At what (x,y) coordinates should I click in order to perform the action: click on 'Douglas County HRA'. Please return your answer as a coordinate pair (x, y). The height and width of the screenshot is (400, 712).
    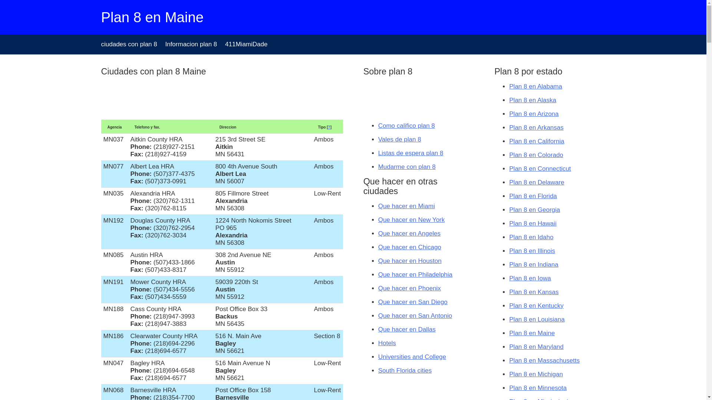
    Looking at the image, I should click on (160, 220).